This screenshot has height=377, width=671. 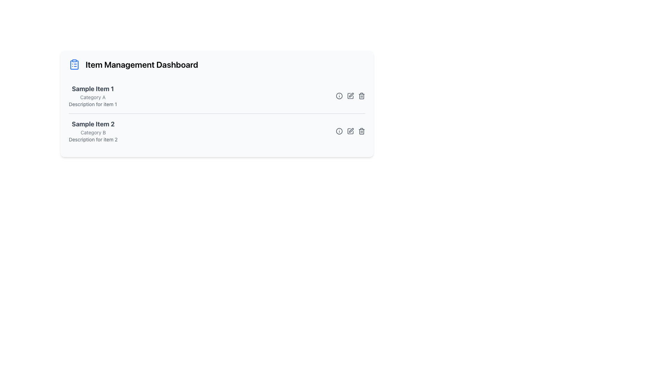 What do you see at coordinates (93, 140) in the screenshot?
I see `the static text label displaying 'Description for item 2', which is located below 'Category B' in the 'Sample Item 2' section` at bounding box center [93, 140].